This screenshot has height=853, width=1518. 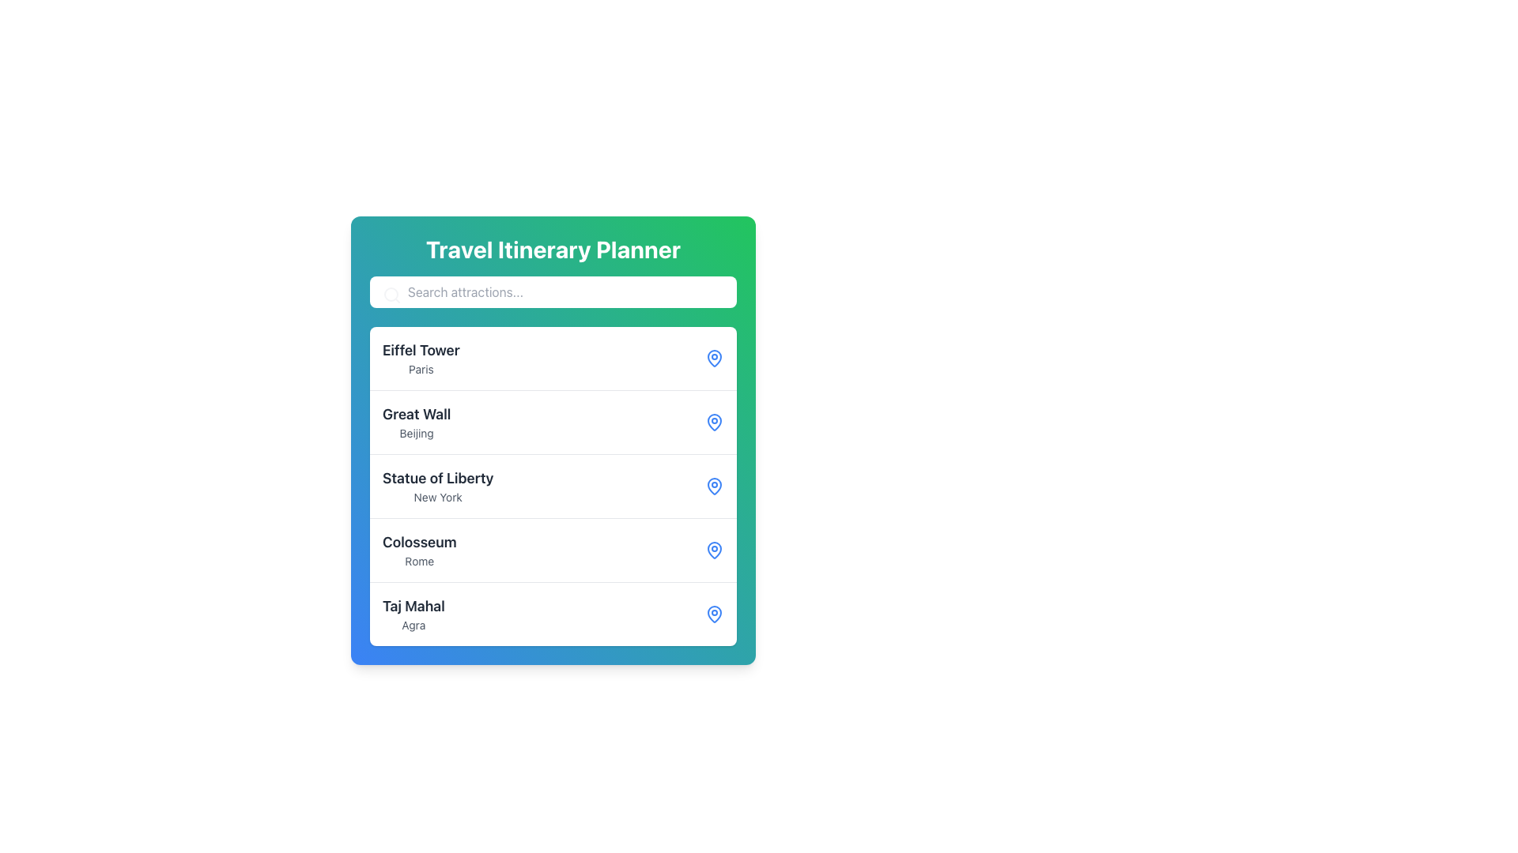 What do you see at coordinates (713, 614) in the screenshot?
I see `the map pin icon located in the bottom-right corner of the list item containing the text 'Taj Mahal' and 'Agra', which is the fifth icon from the top, to possibly show related location details` at bounding box center [713, 614].